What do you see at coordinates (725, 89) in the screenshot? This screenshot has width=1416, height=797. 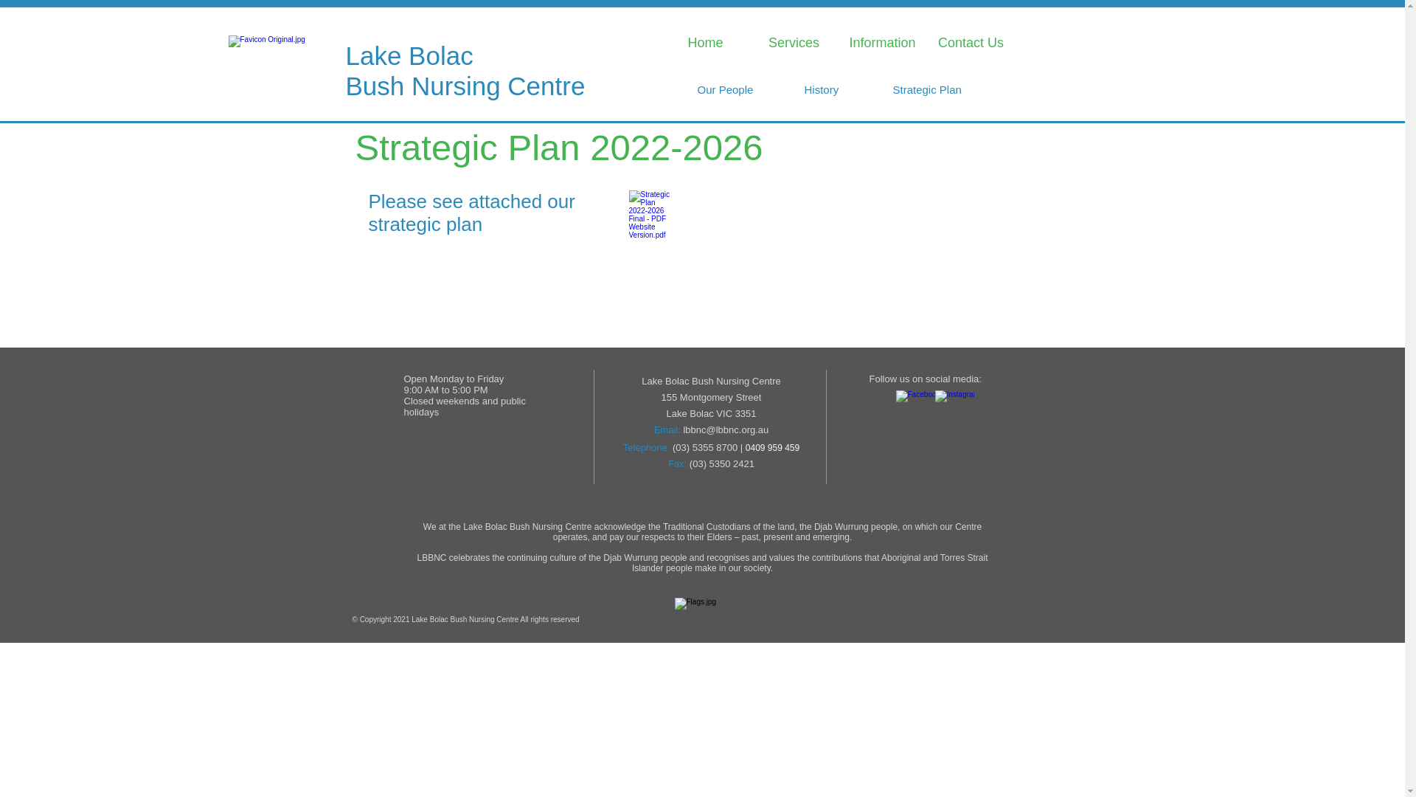 I see `'Our People'` at bounding box center [725, 89].